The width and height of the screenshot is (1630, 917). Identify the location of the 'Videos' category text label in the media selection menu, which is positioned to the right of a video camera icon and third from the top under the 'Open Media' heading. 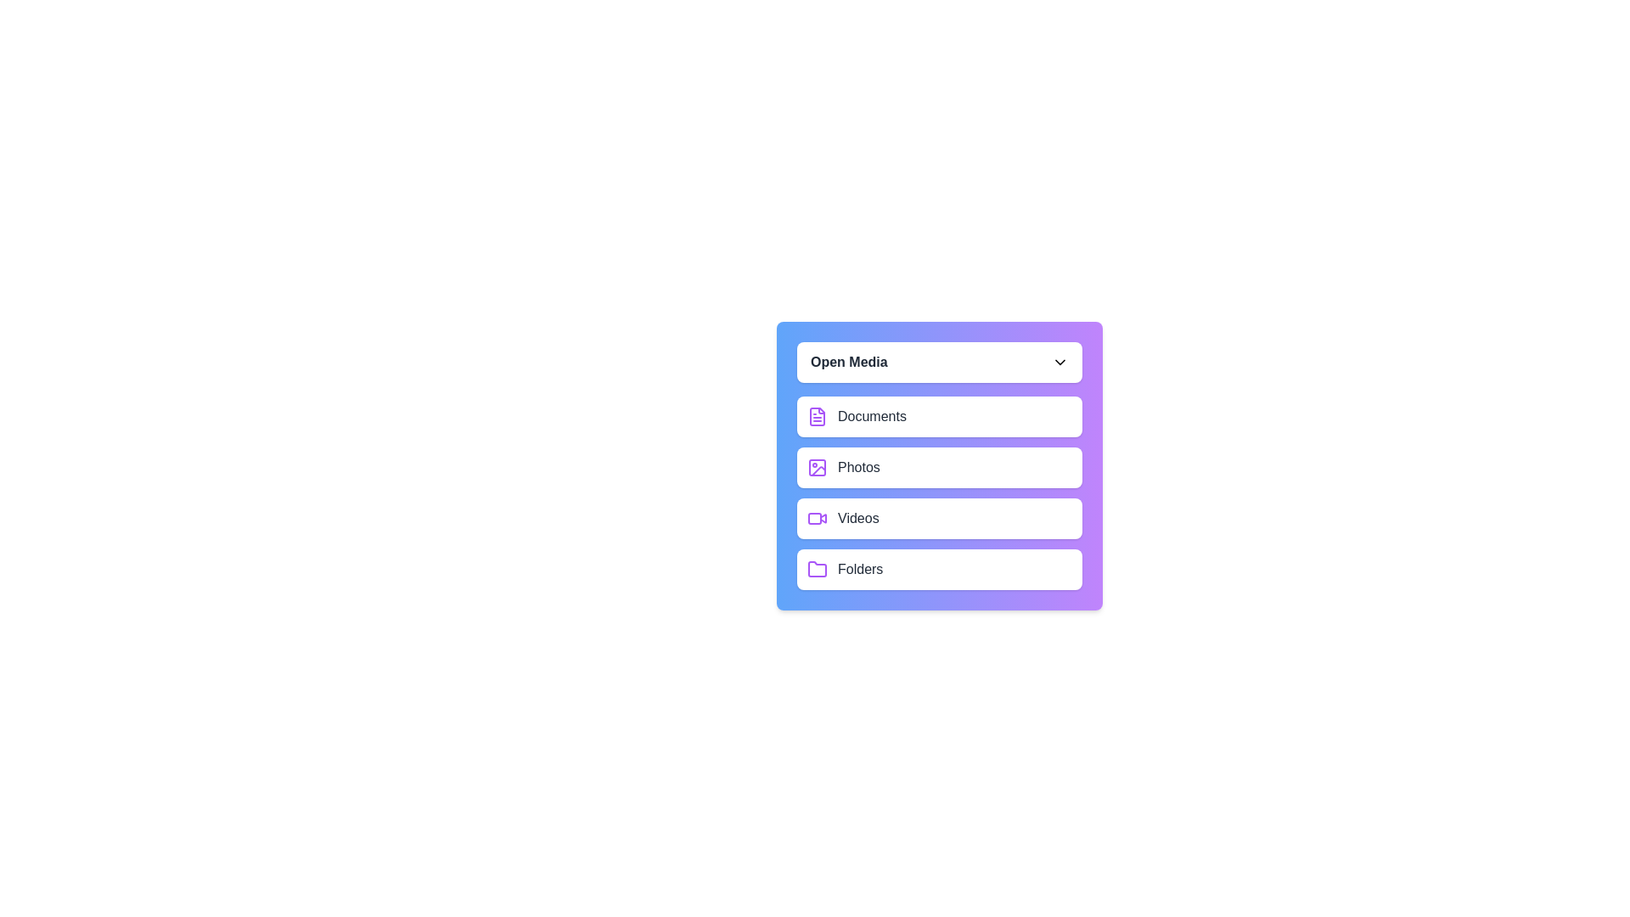
(858, 517).